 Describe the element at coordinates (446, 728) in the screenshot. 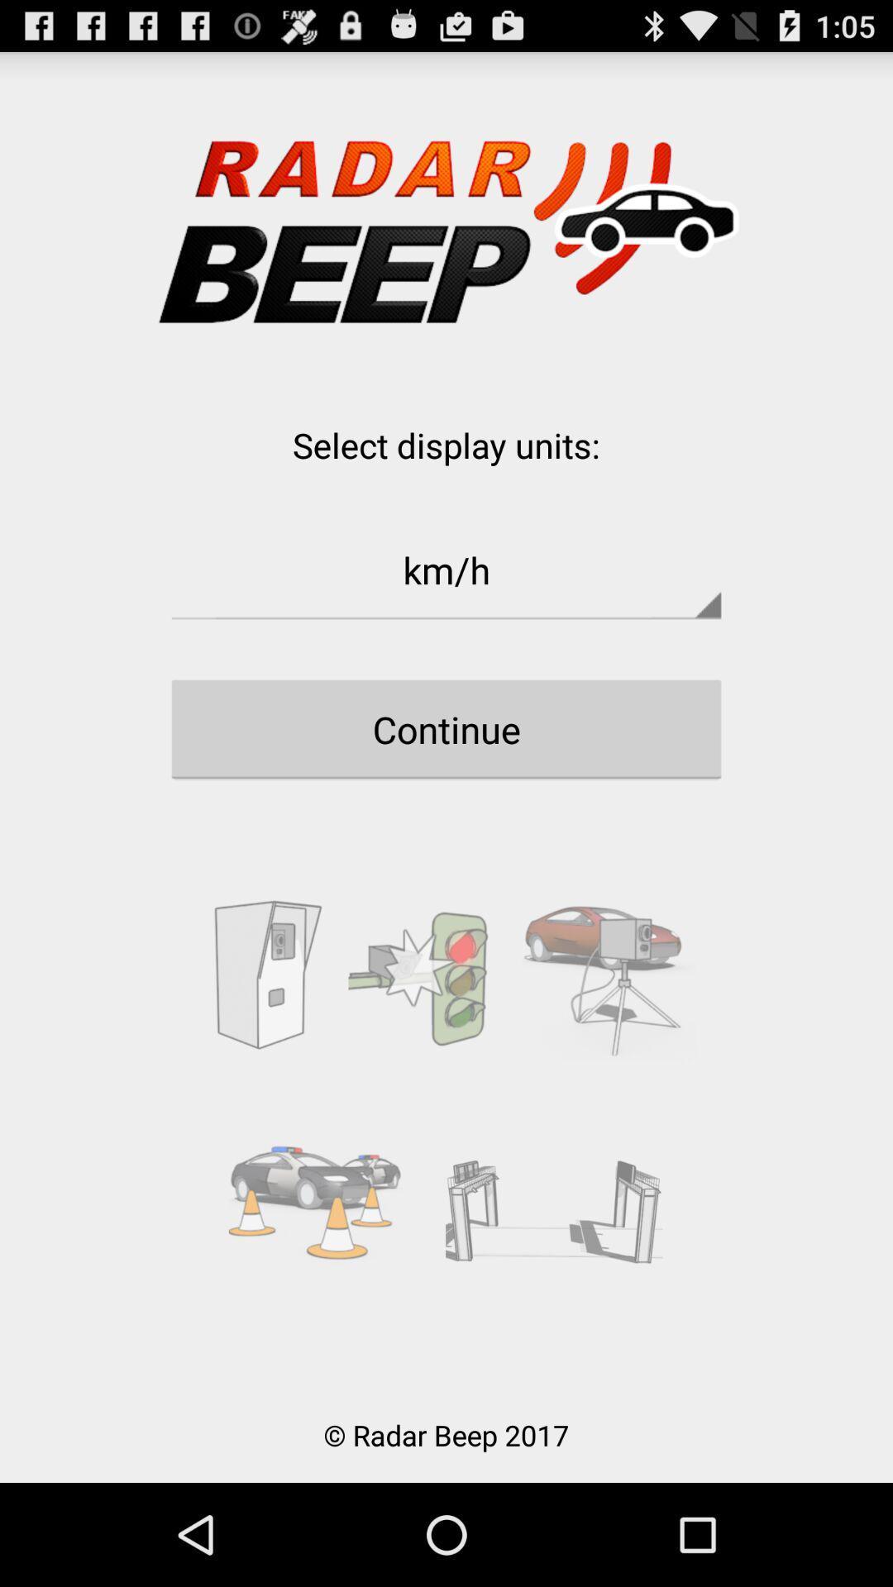

I see `the continue button` at that location.